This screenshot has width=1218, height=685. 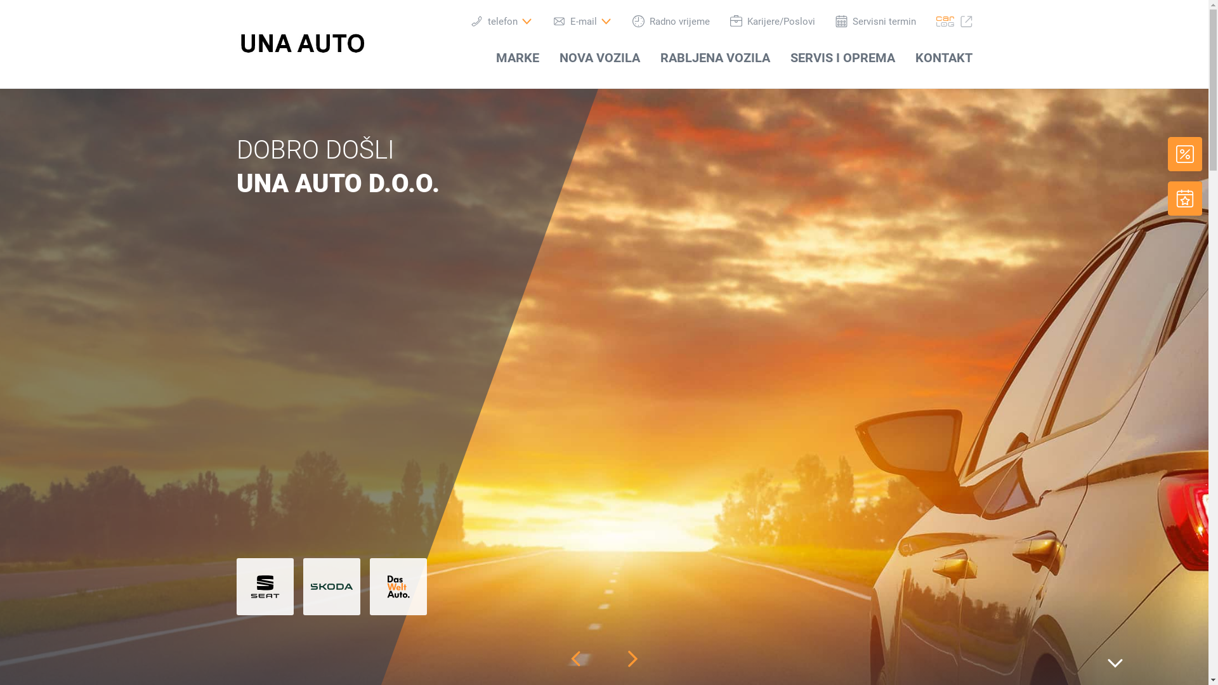 I want to click on 'Radno vrijeme', so click(x=669, y=21).